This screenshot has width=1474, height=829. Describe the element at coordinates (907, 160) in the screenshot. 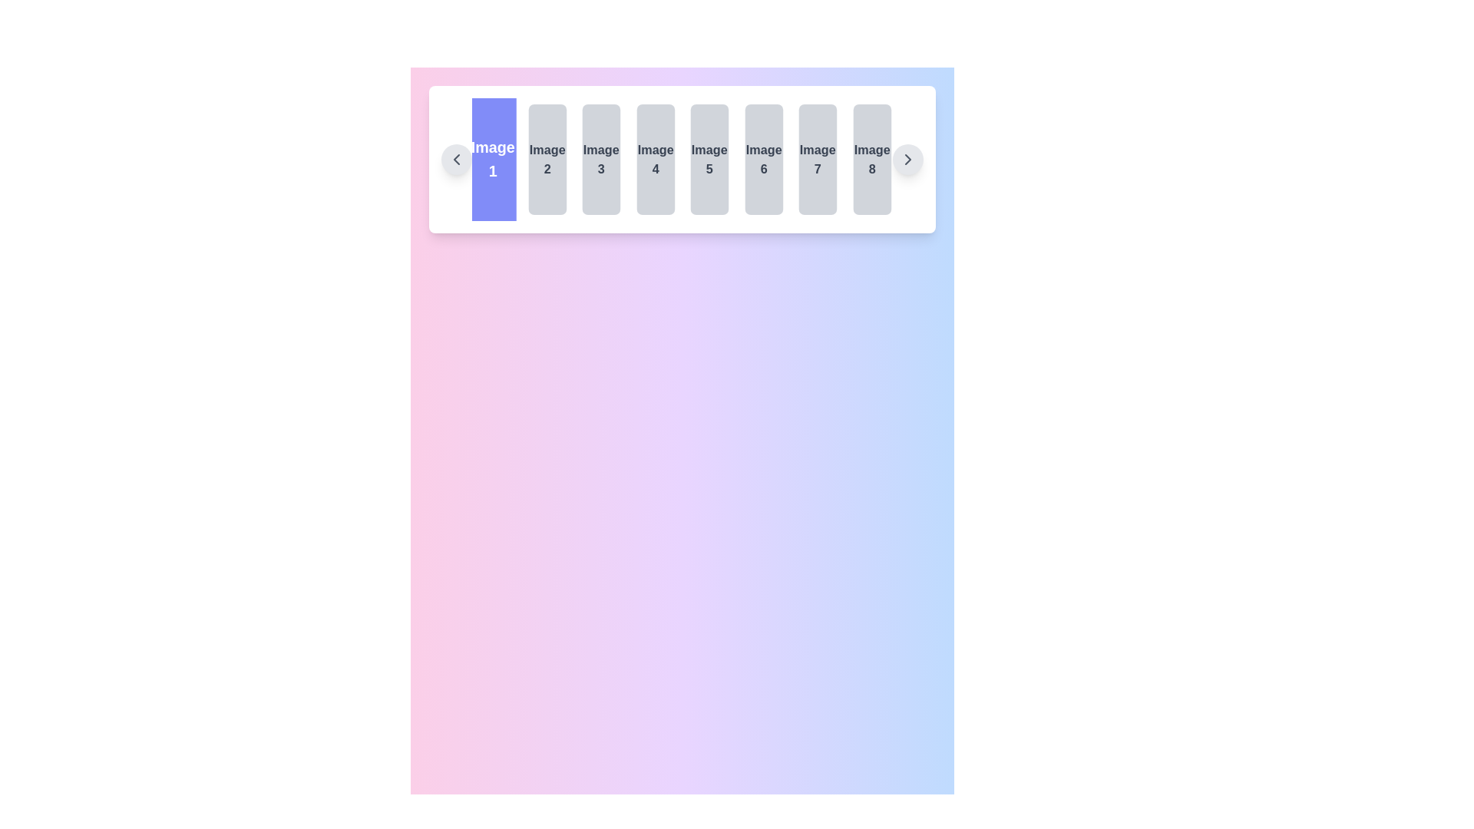

I see `the chevron icon within the circular button at the far-right end of the horizontal carousel to navigate to the next set of images or content items` at that location.